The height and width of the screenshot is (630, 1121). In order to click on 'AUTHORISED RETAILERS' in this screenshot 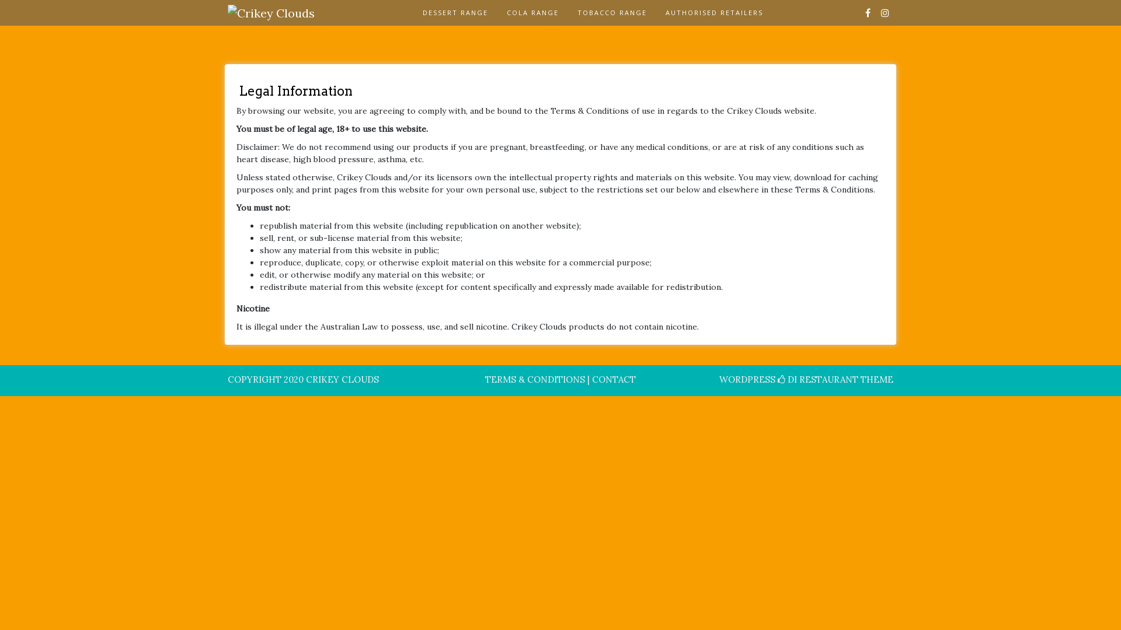, I will do `click(713, 13)`.